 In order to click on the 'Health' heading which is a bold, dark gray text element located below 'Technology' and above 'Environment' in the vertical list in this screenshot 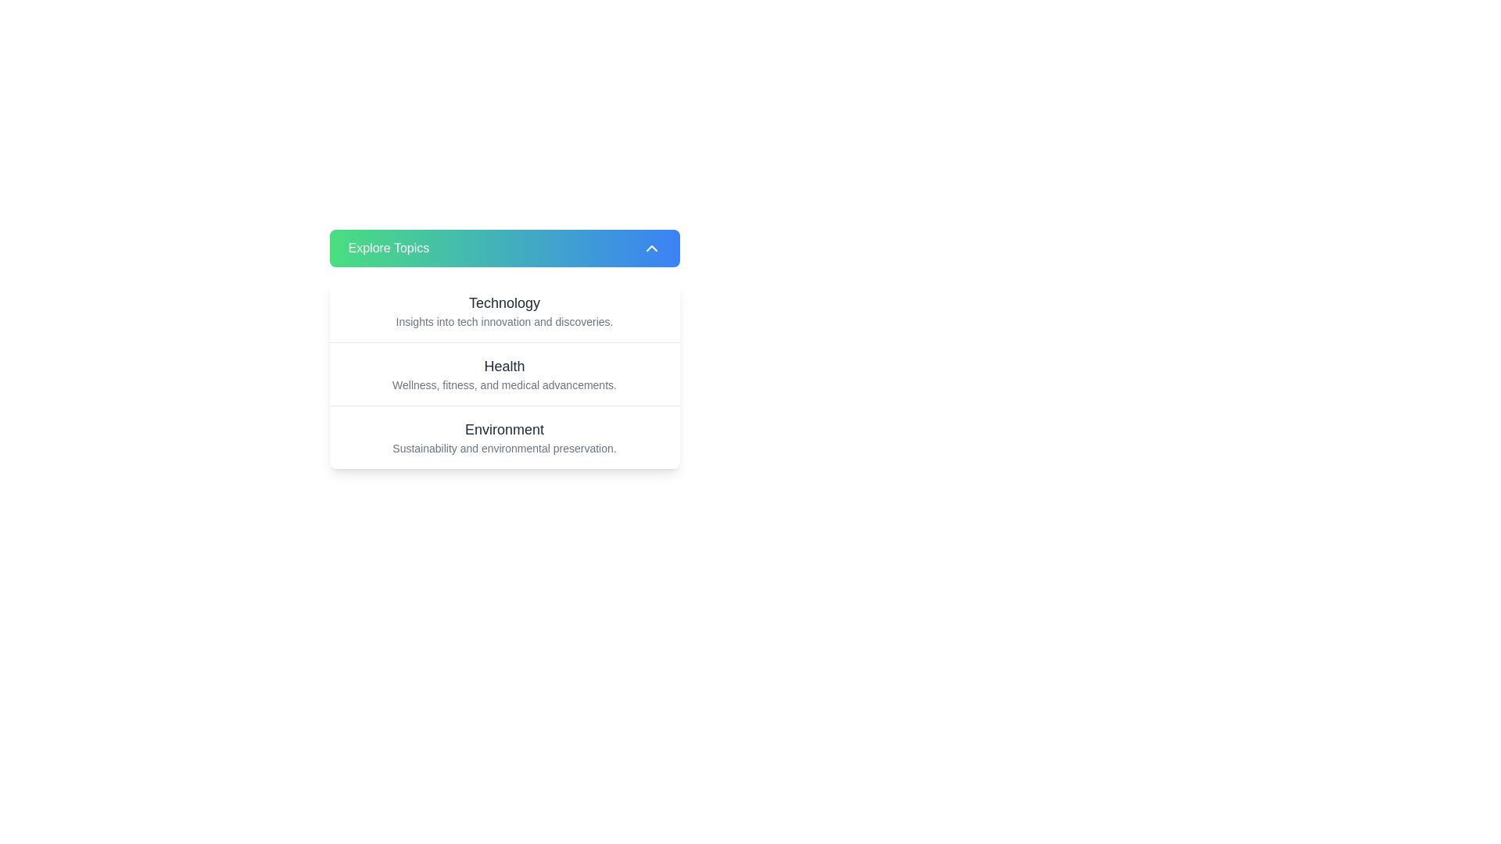, I will do `click(504, 367)`.